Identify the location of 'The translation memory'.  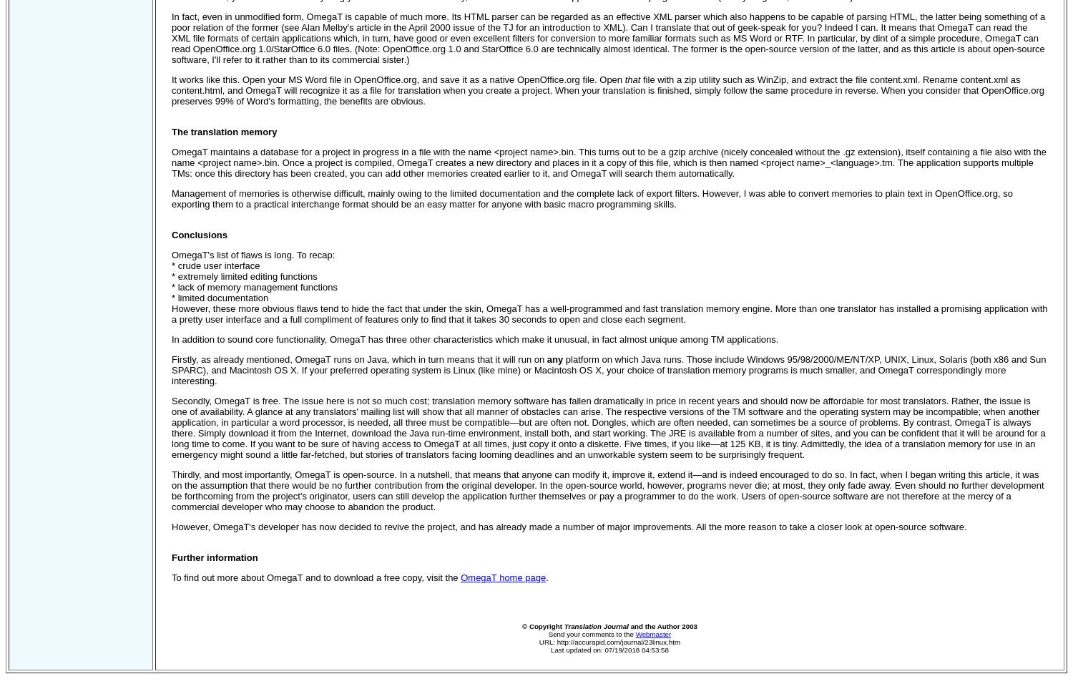
(223, 131).